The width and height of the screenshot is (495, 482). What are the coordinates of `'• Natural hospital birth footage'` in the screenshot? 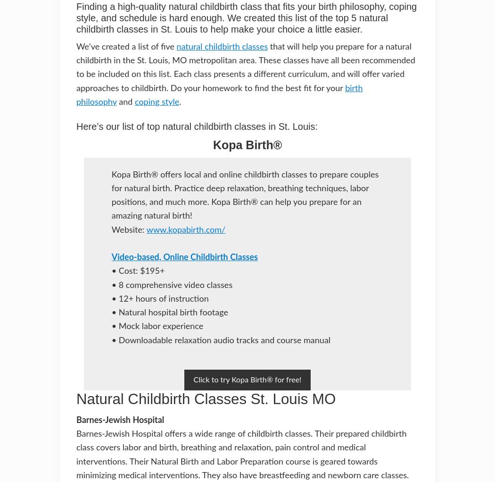 It's located at (169, 313).